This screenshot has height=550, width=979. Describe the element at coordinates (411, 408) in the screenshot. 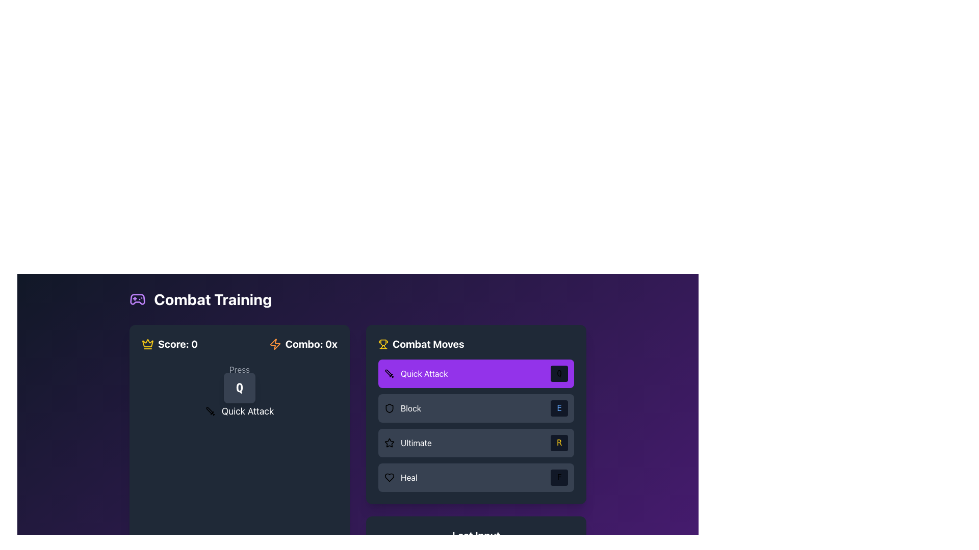

I see `the 'Block' text label` at that location.